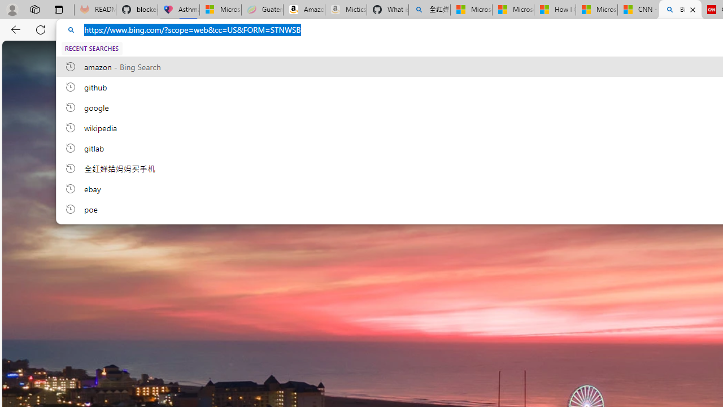  Describe the element at coordinates (555, 10) in the screenshot. I see `'How I Got Rid of Microsoft Edge'` at that location.